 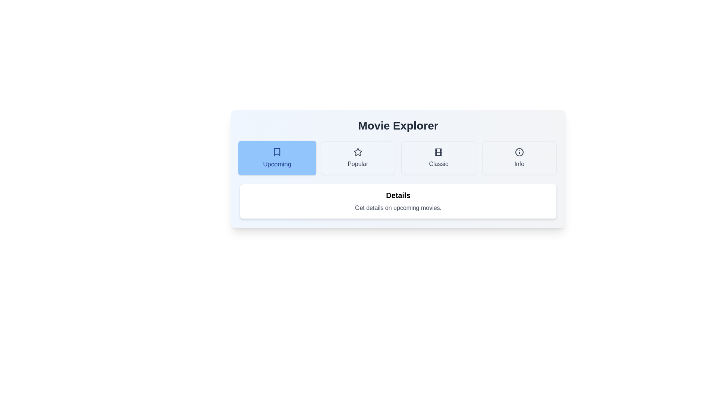 What do you see at coordinates (519, 157) in the screenshot?
I see `the fourth card button in the Movie Explorer section for accessibility navigation` at bounding box center [519, 157].